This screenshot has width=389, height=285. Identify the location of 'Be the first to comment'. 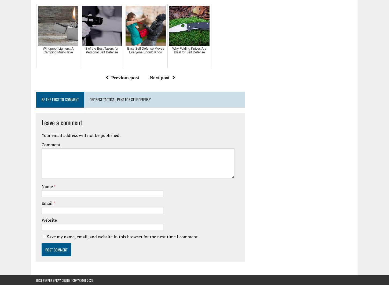
(60, 99).